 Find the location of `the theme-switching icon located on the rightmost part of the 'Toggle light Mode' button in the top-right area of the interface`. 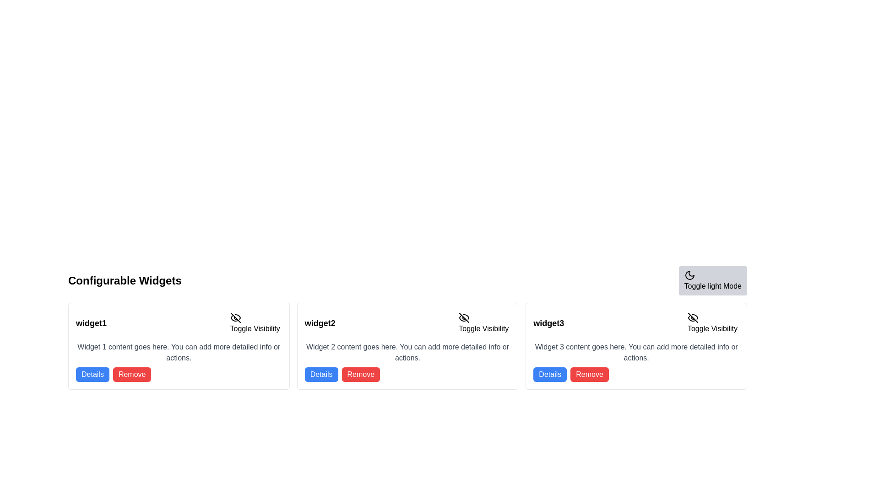

the theme-switching icon located on the rightmost part of the 'Toggle light Mode' button in the top-right area of the interface is located at coordinates (689, 274).